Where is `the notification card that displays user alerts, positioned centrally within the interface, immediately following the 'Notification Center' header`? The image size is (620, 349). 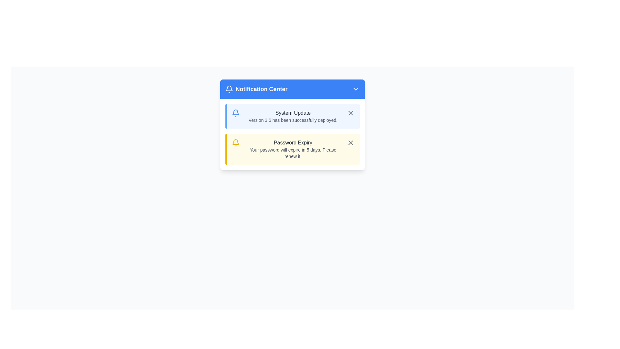
the notification card that displays user alerts, positioned centrally within the interface, immediately following the 'Notification Center' header is located at coordinates (292, 124).